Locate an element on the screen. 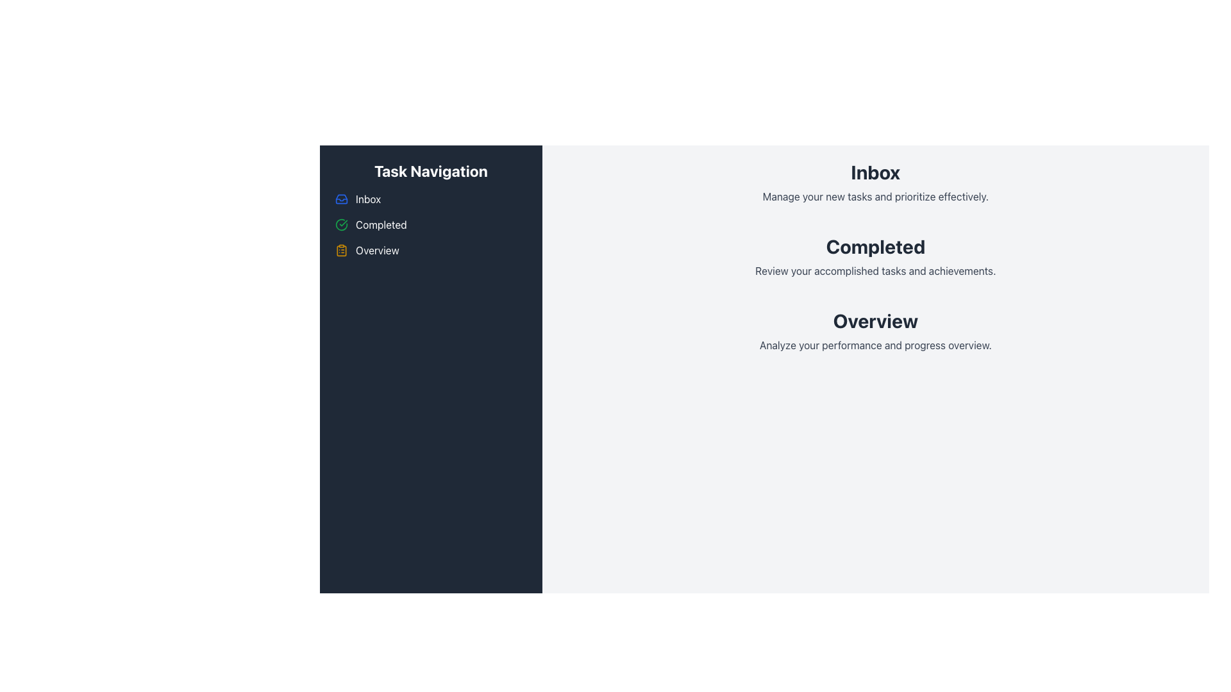  the 'Overview' hyperlink in the vertical navigation menu is located at coordinates (376, 250).